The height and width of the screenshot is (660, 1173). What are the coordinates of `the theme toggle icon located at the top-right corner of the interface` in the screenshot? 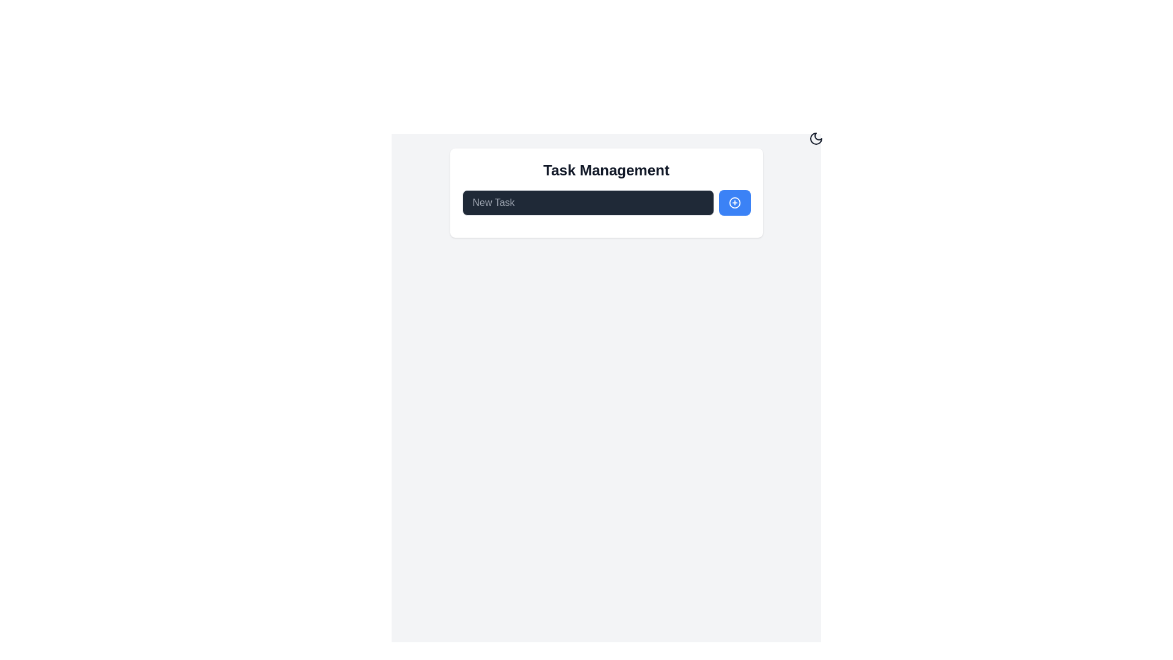 It's located at (816, 138).